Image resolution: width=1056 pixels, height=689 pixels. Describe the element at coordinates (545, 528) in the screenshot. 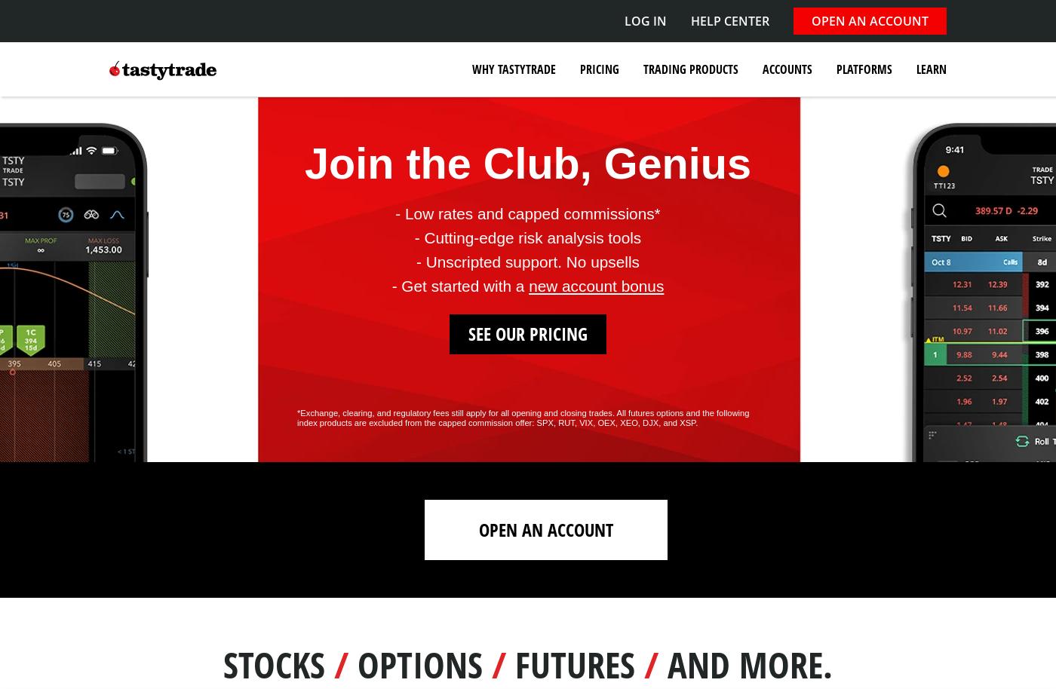

I see `'Open an account'` at that location.